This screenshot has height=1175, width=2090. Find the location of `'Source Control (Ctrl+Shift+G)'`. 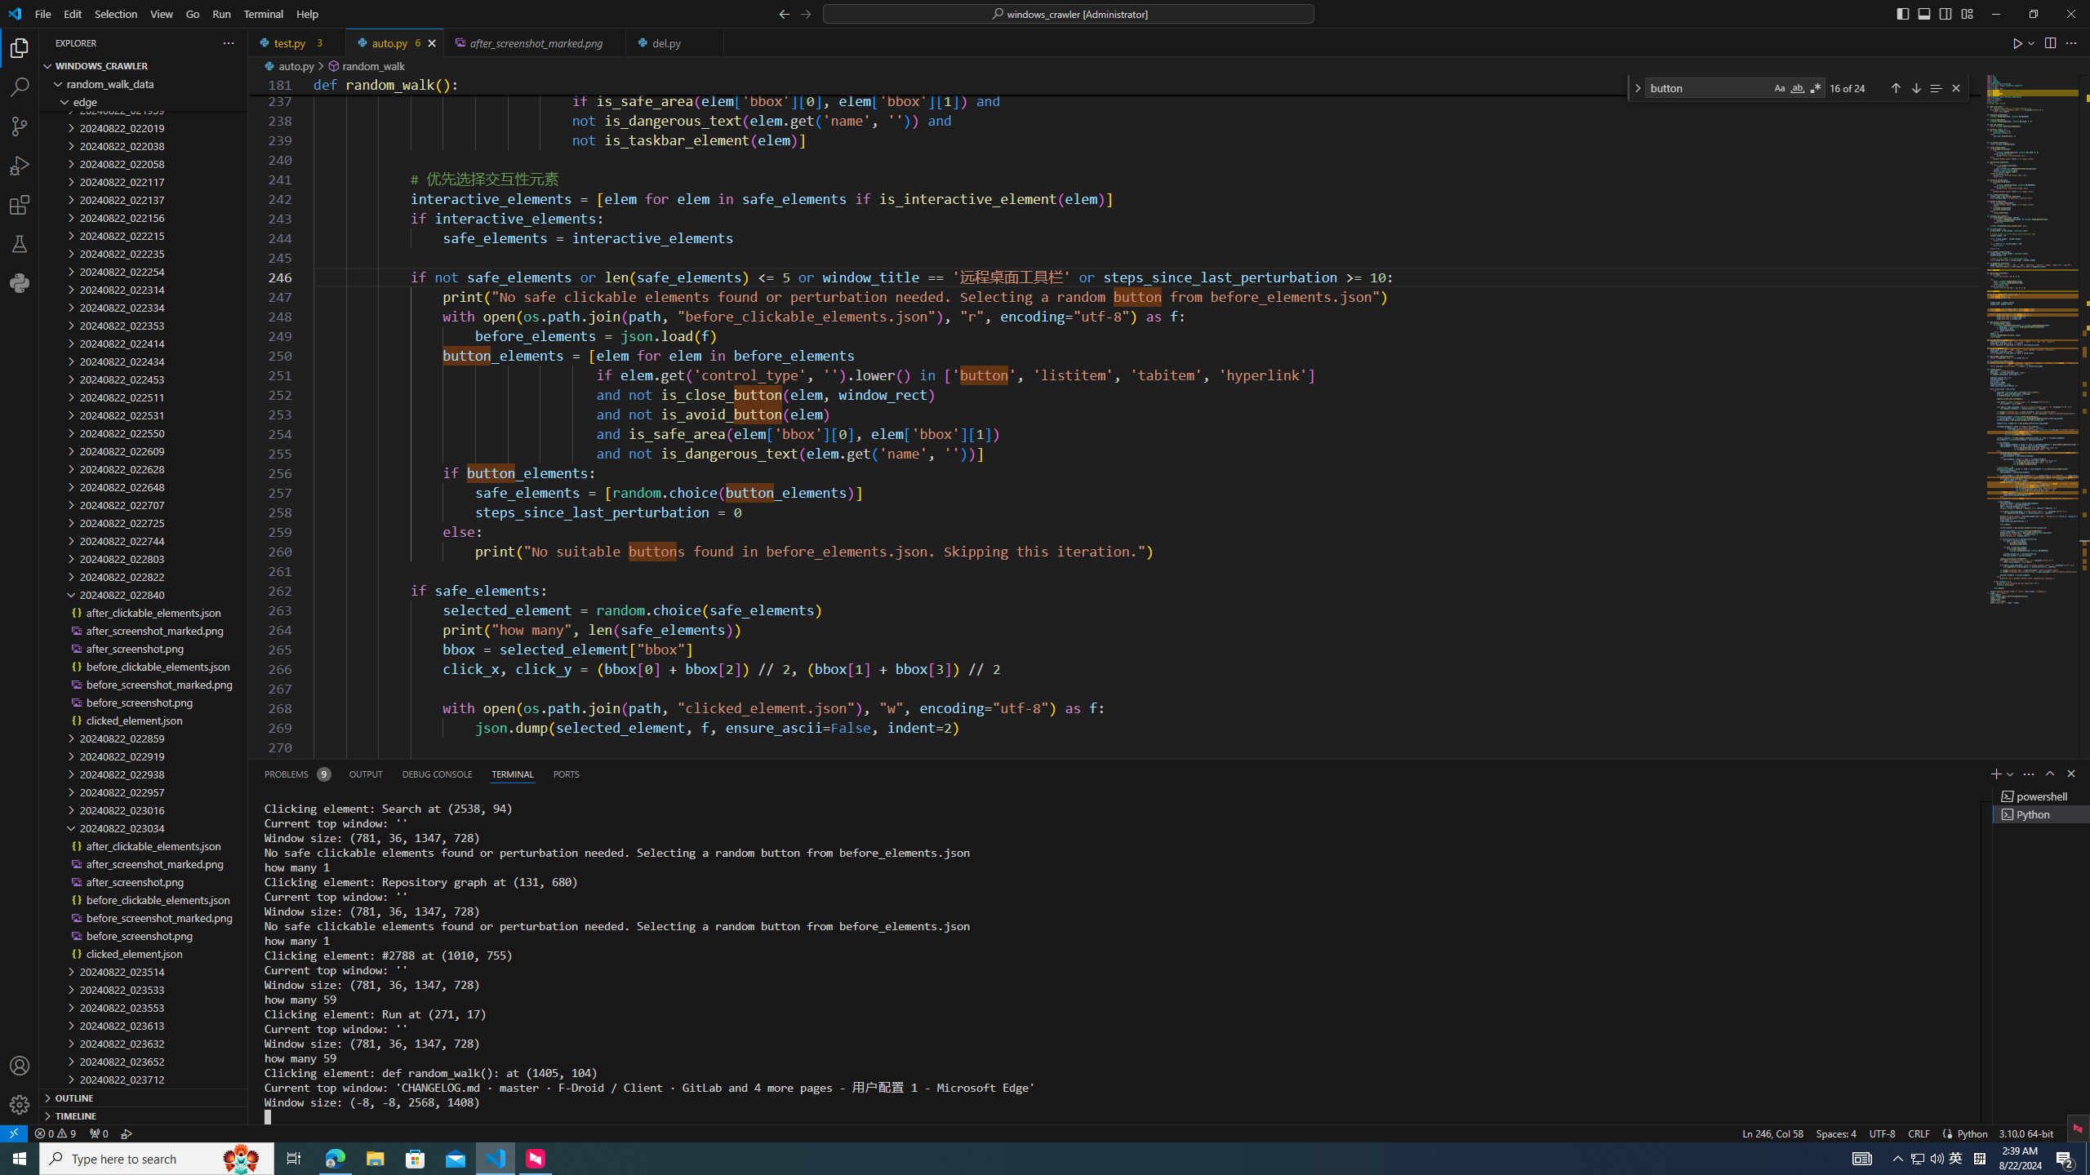

'Source Control (Ctrl+Shift+G)' is located at coordinates (20, 125).